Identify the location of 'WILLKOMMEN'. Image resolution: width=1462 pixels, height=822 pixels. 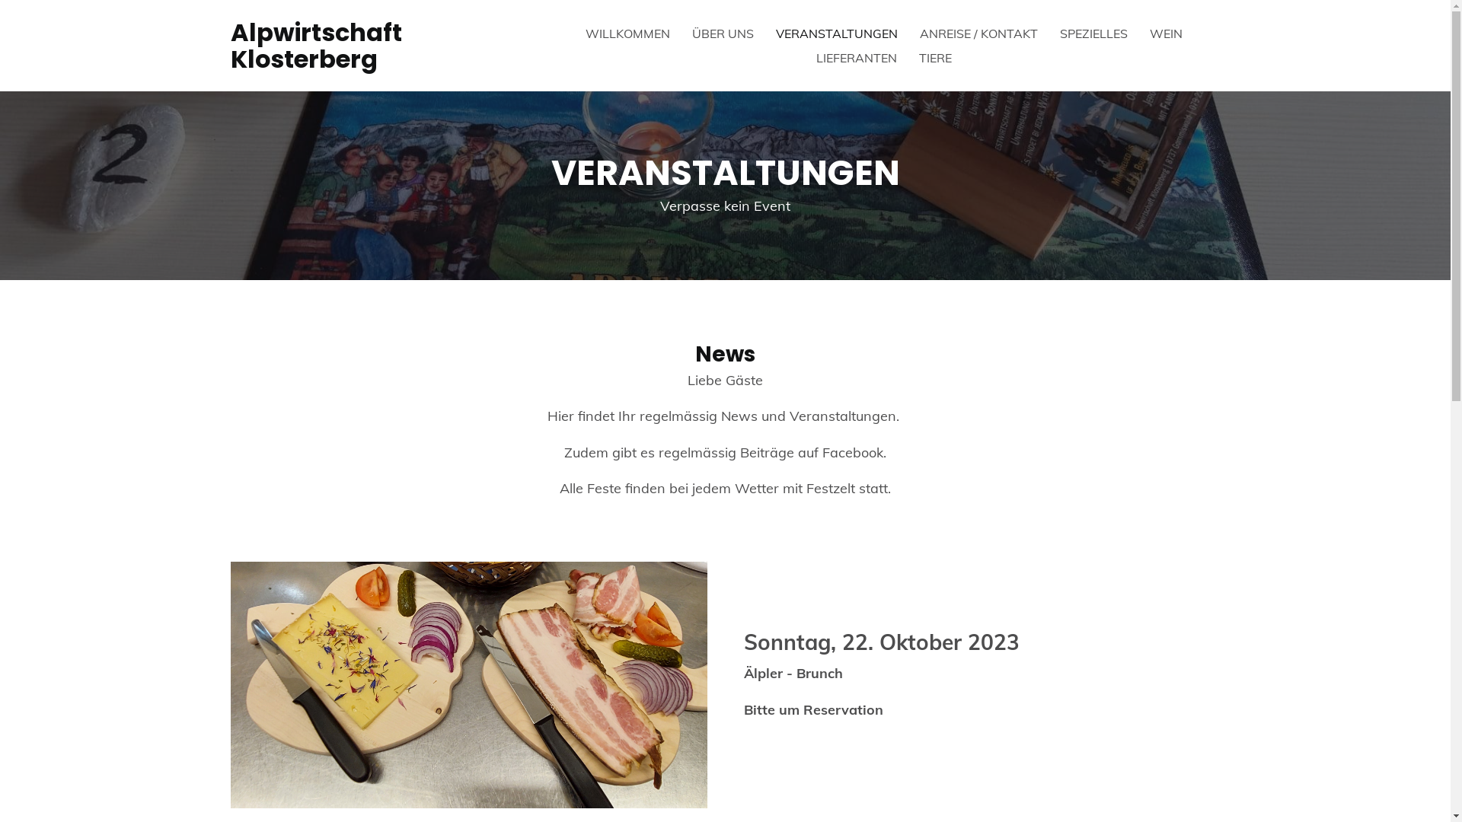
(627, 33).